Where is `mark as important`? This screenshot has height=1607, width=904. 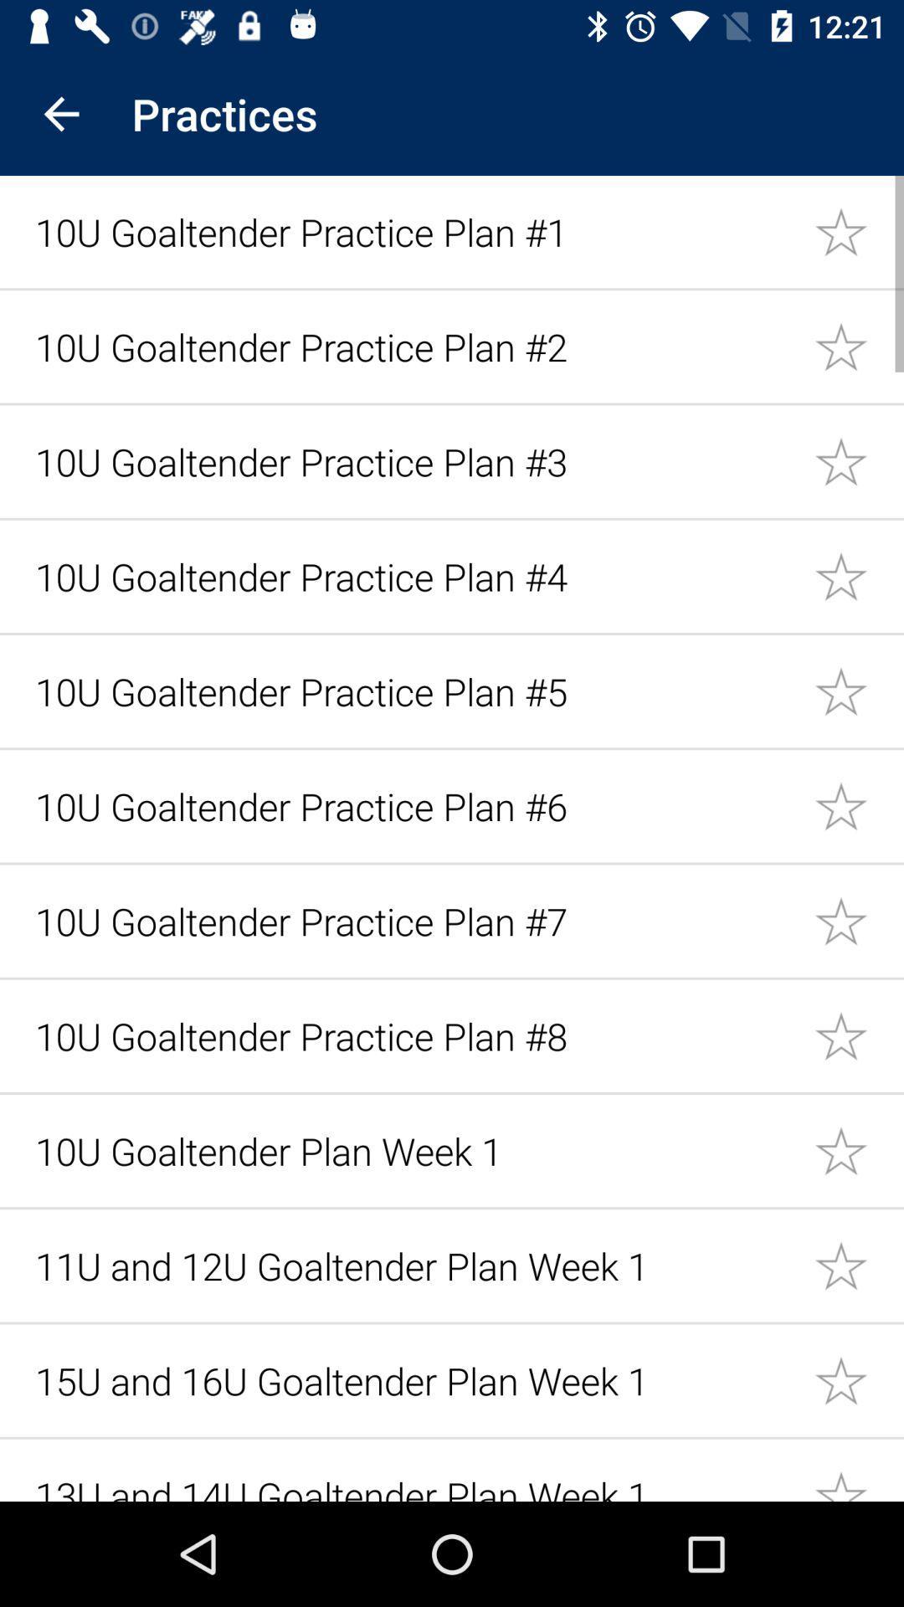
mark as important is located at coordinates (859, 576).